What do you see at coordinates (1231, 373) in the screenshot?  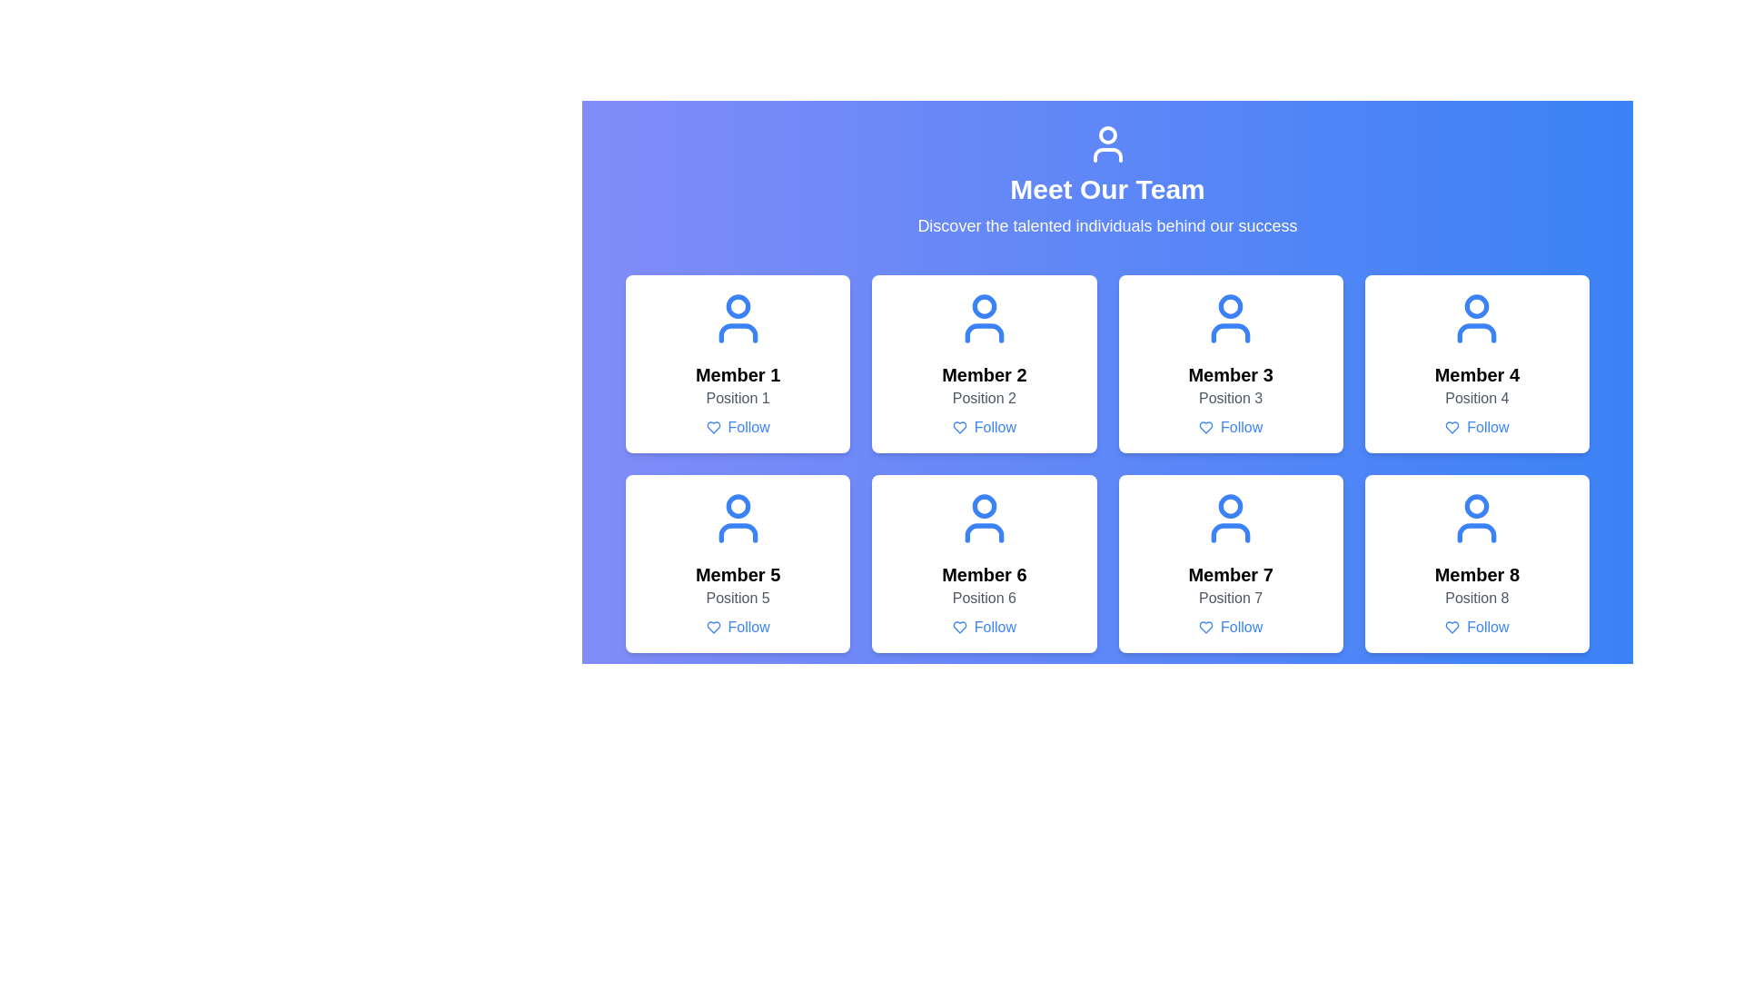 I see `the prominently styled text label displaying 'Member 3' in bold font, located in the third card from the left on the first row of the team member grid` at bounding box center [1231, 373].